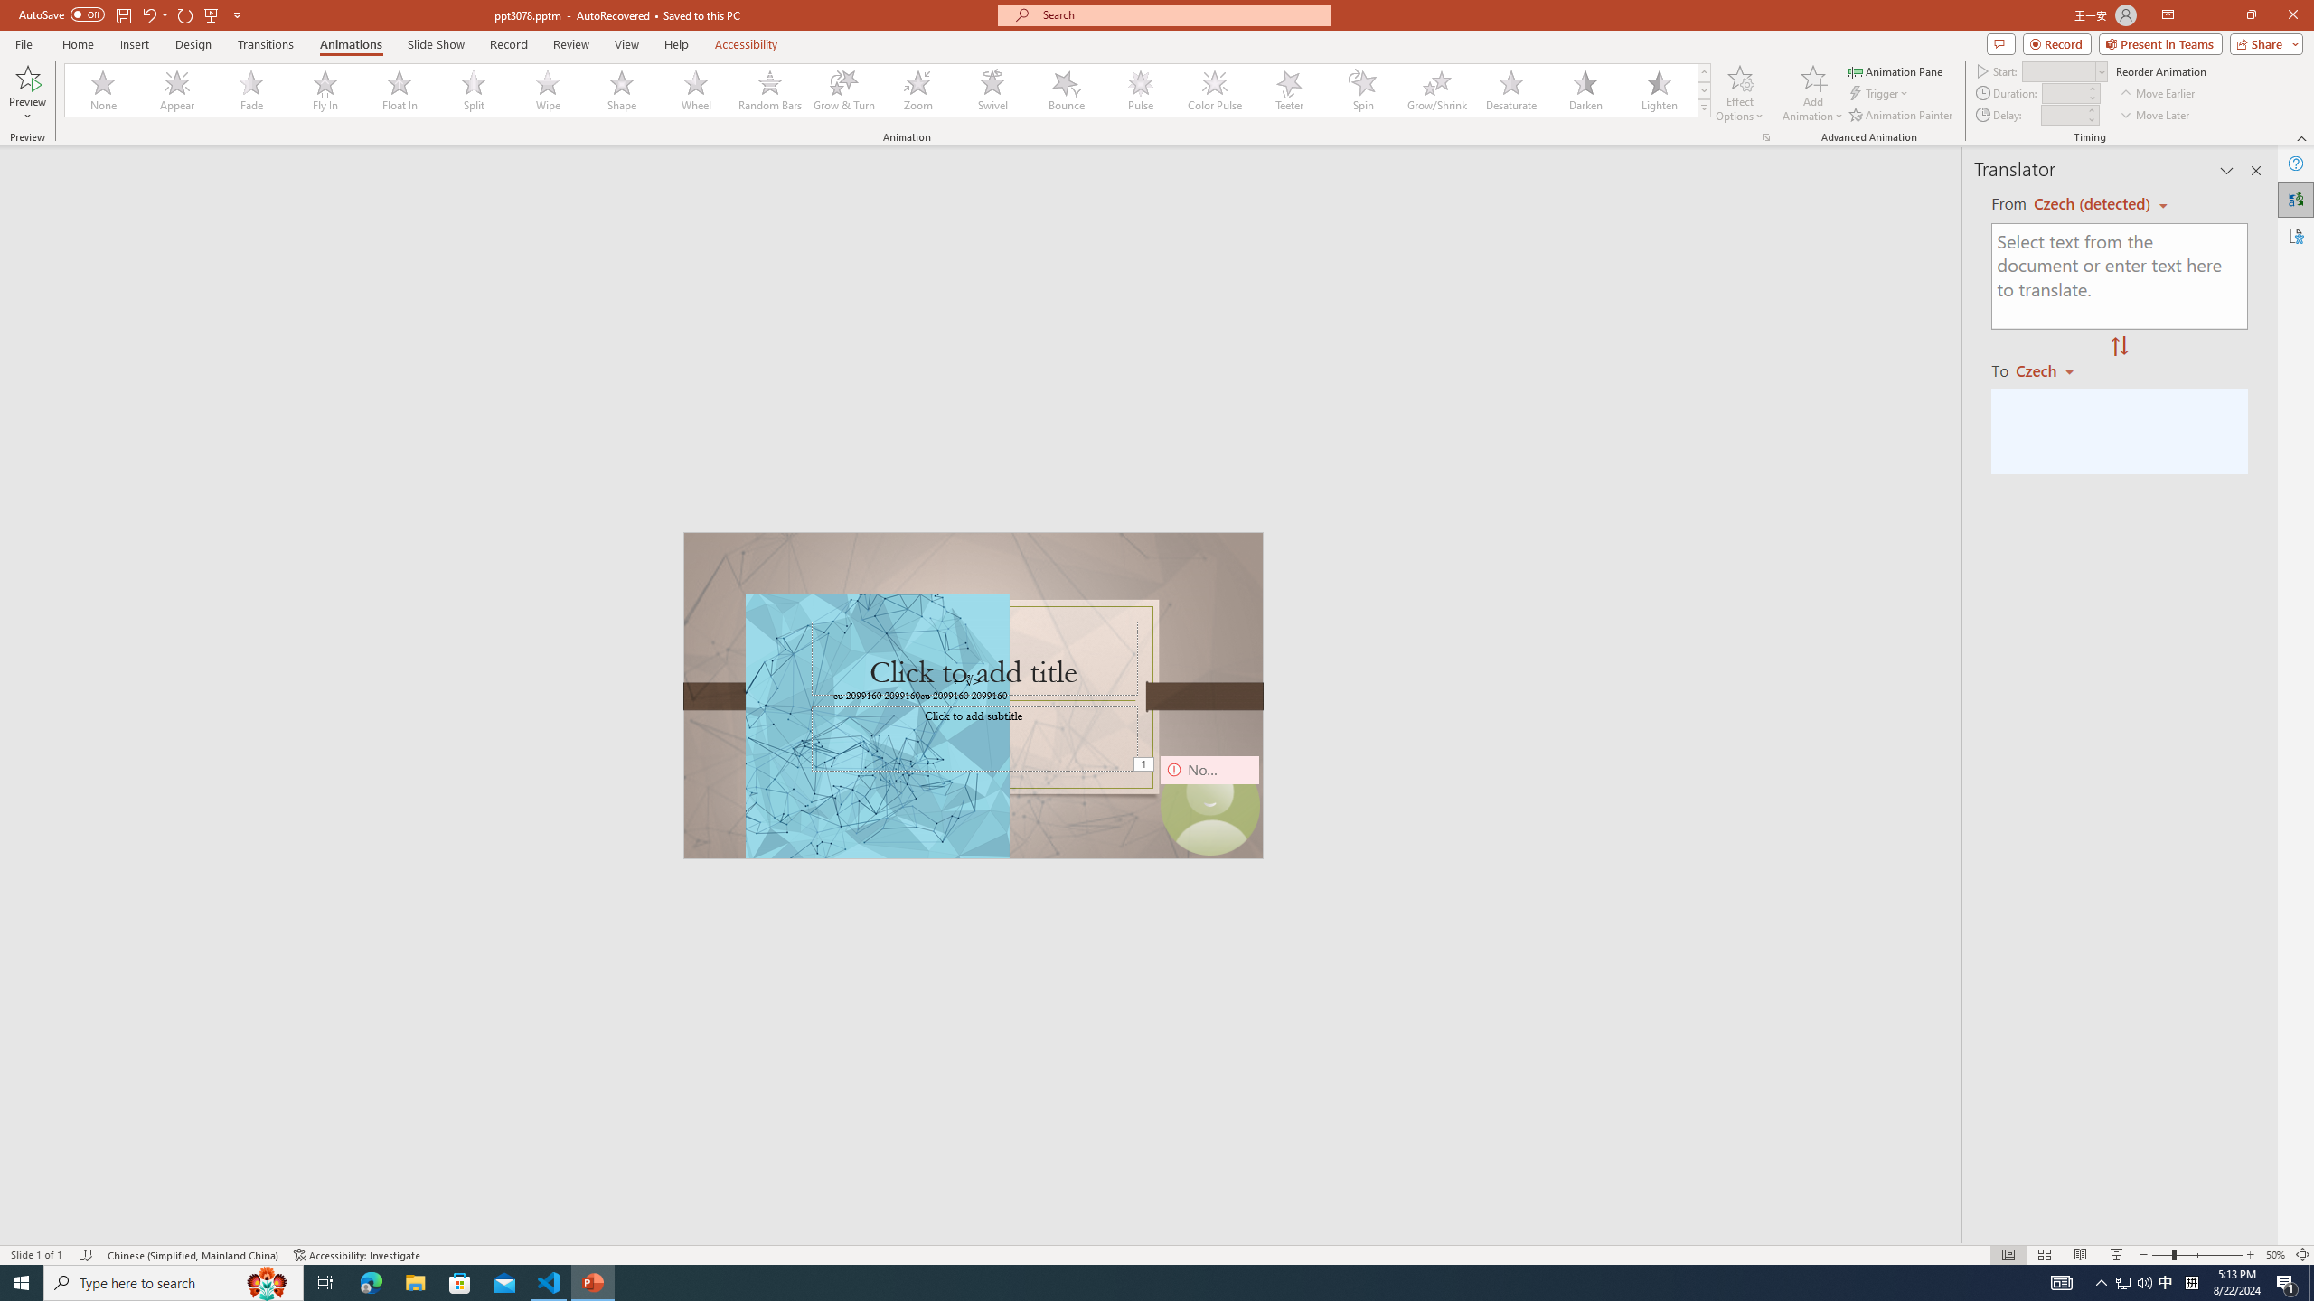 The width and height of the screenshot is (2314, 1301). I want to click on 'Translator', so click(2295, 200).